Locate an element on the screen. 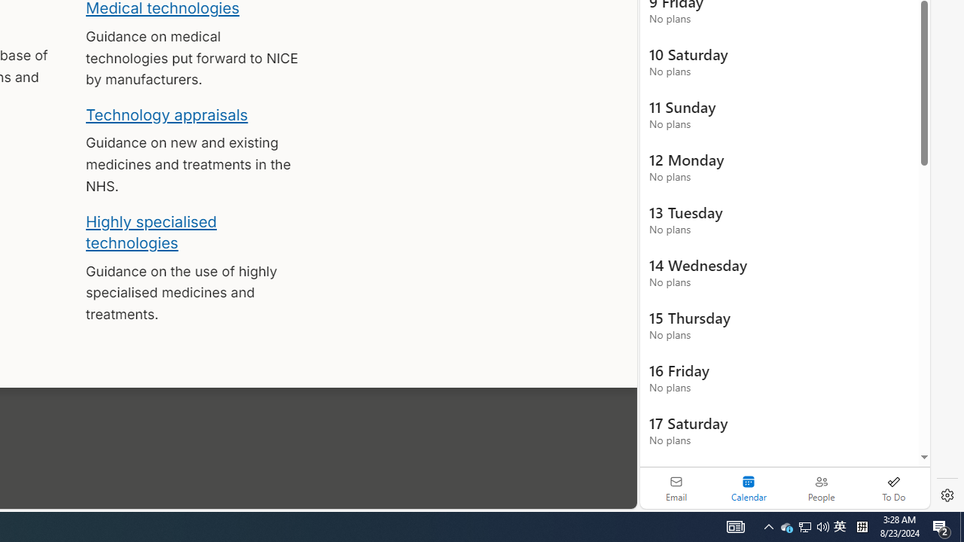  'To Do' is located at coordinates (893, 488).